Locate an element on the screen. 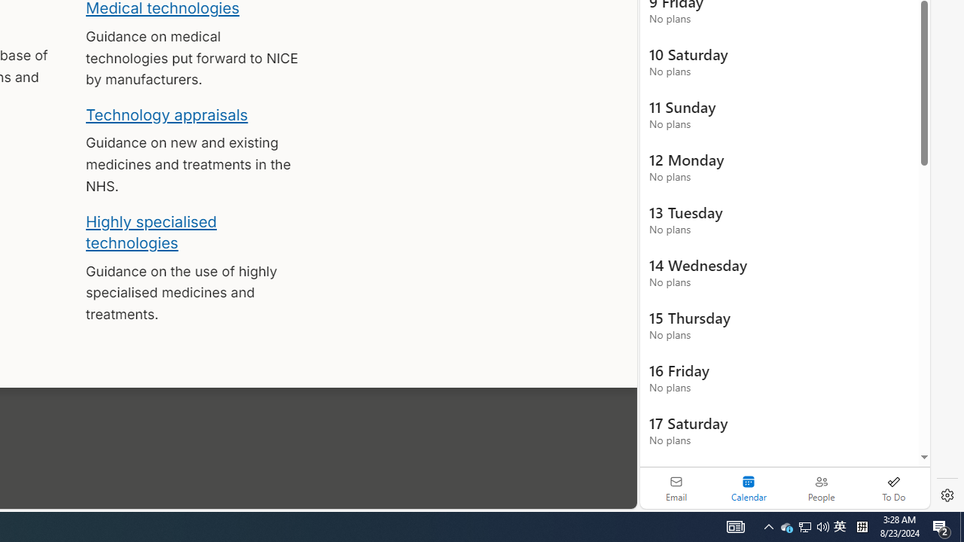  'To Do' is located at coordinates (893, 488).